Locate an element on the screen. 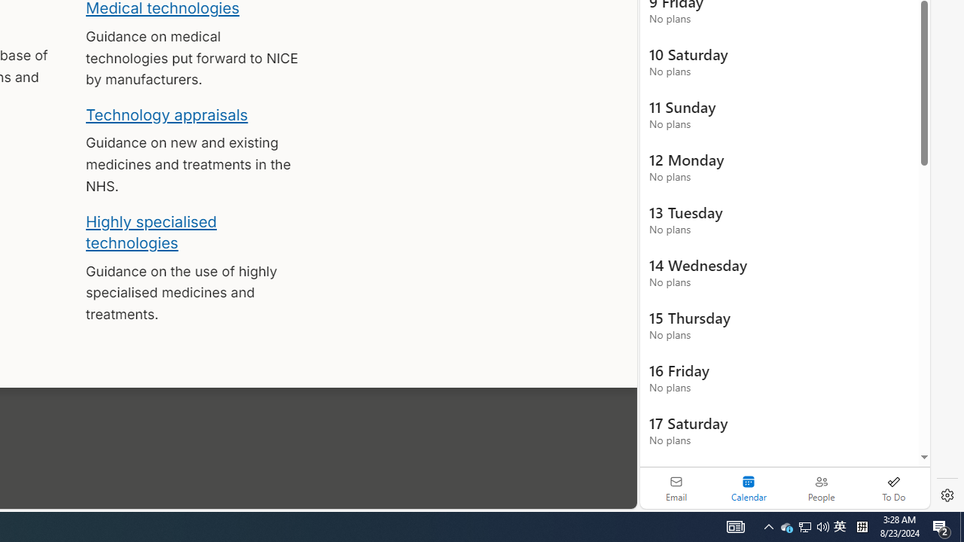  'To Do' is located at coordinates (893, 488).